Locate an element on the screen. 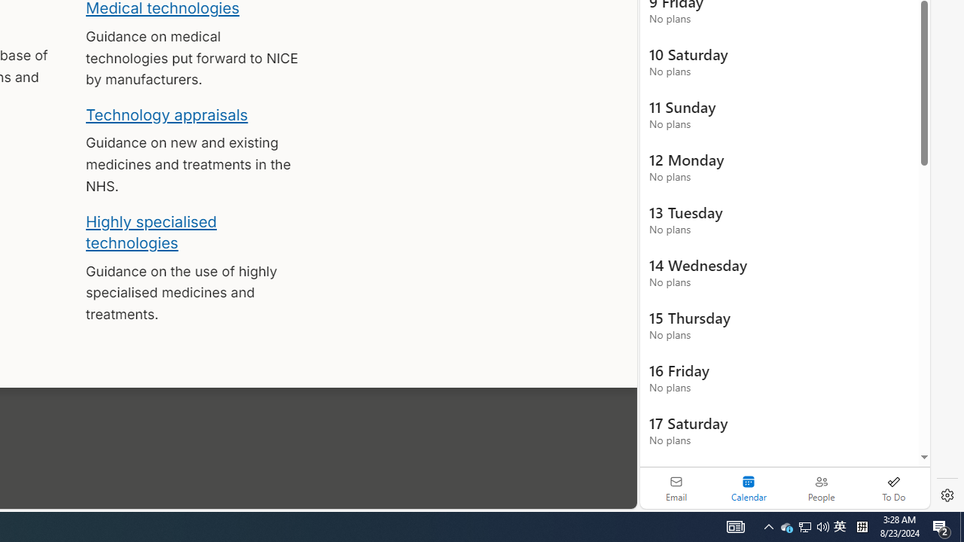  'To Do' is located at coordinates (893, 488).